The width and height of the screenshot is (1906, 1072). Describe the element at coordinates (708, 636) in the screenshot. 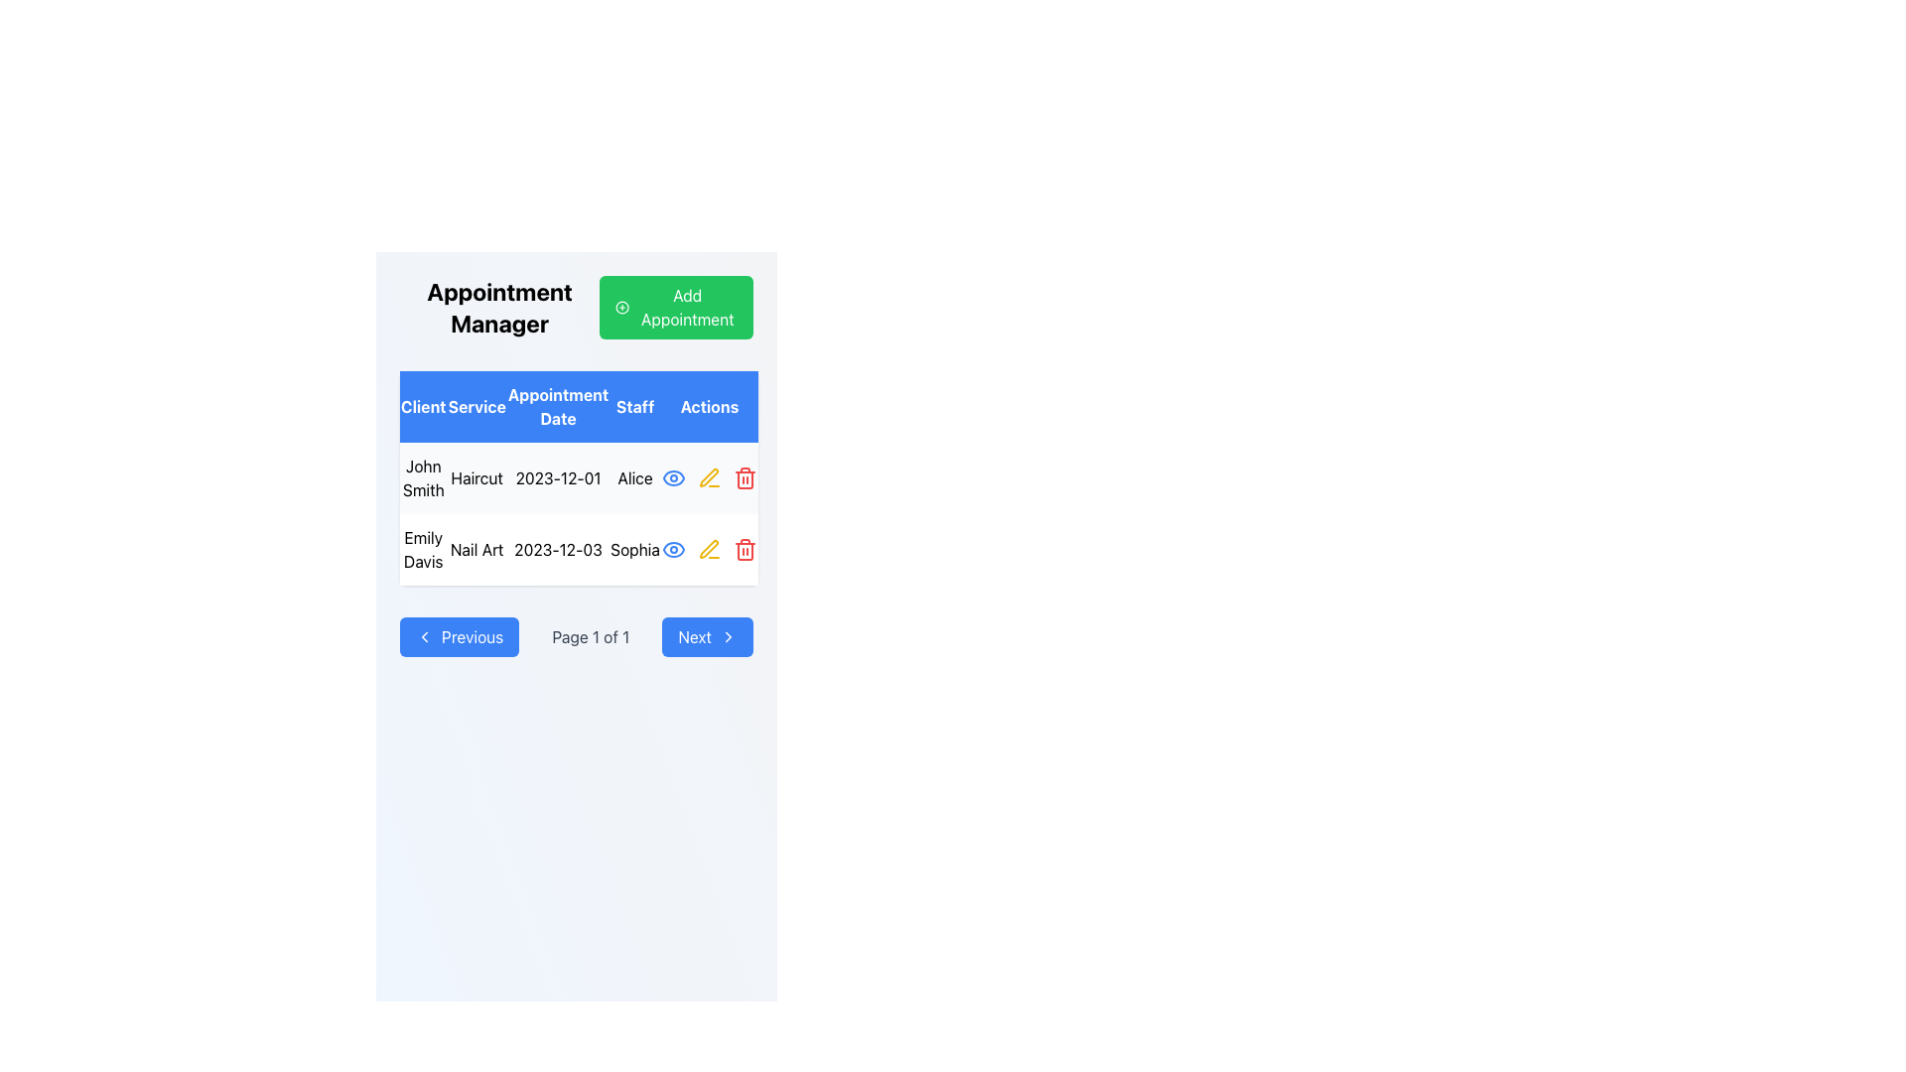

I see `the navigation button located at the bottom right of the interface, which allows the user to navigate to the next page of content` at that location.